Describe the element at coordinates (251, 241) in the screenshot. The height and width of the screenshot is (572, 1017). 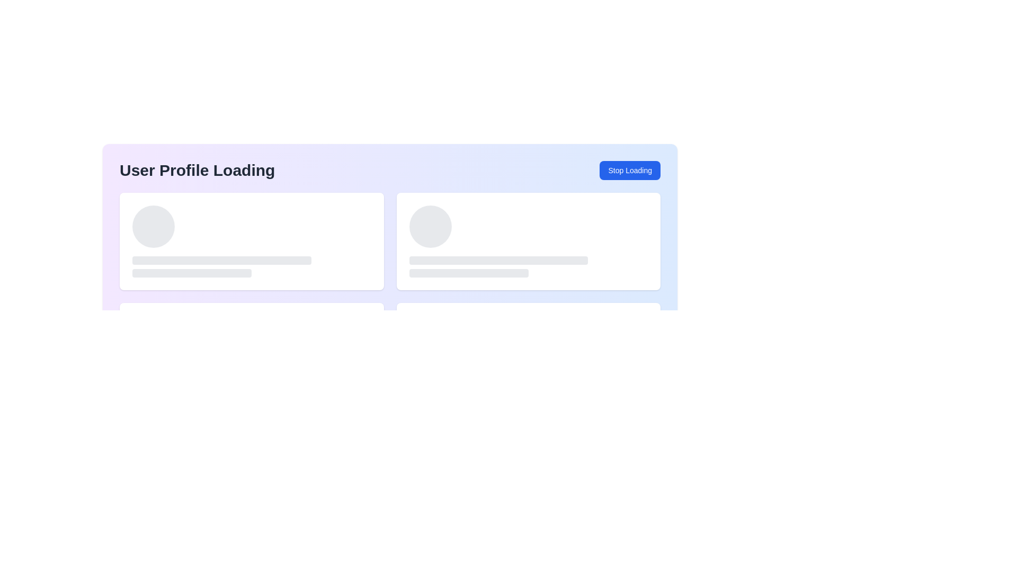
I see `the Loading card placeholder, which is a rectangular card with a white background and rounded corners located in the top-left corner of a grid layout` at that location.